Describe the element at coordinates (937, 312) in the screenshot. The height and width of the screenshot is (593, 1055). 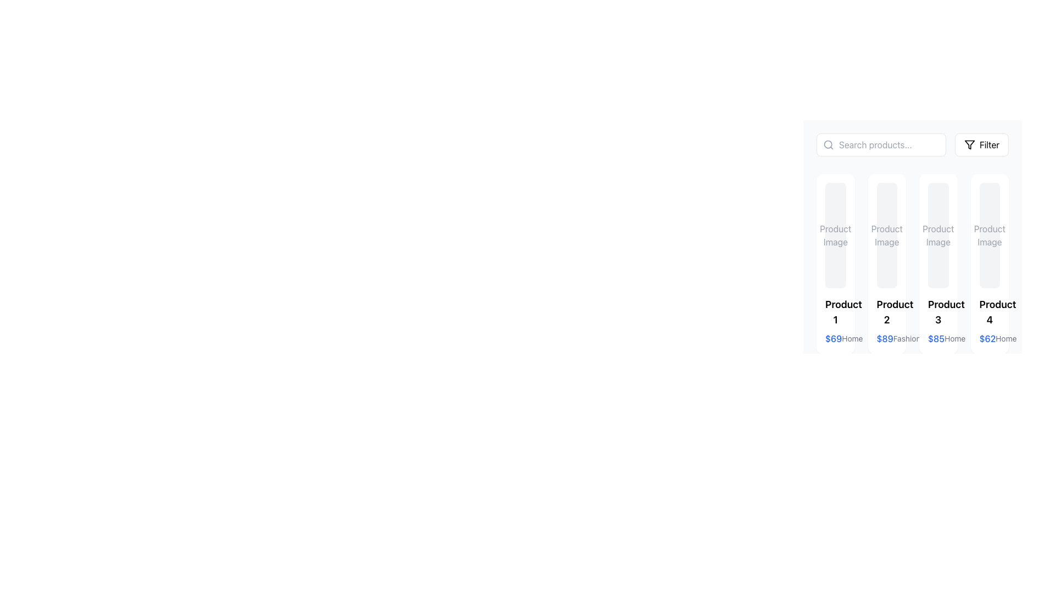
I see `the product title label for 'Product 3', which is located within its card layout, positioned below the product image and above the price information` at that location.